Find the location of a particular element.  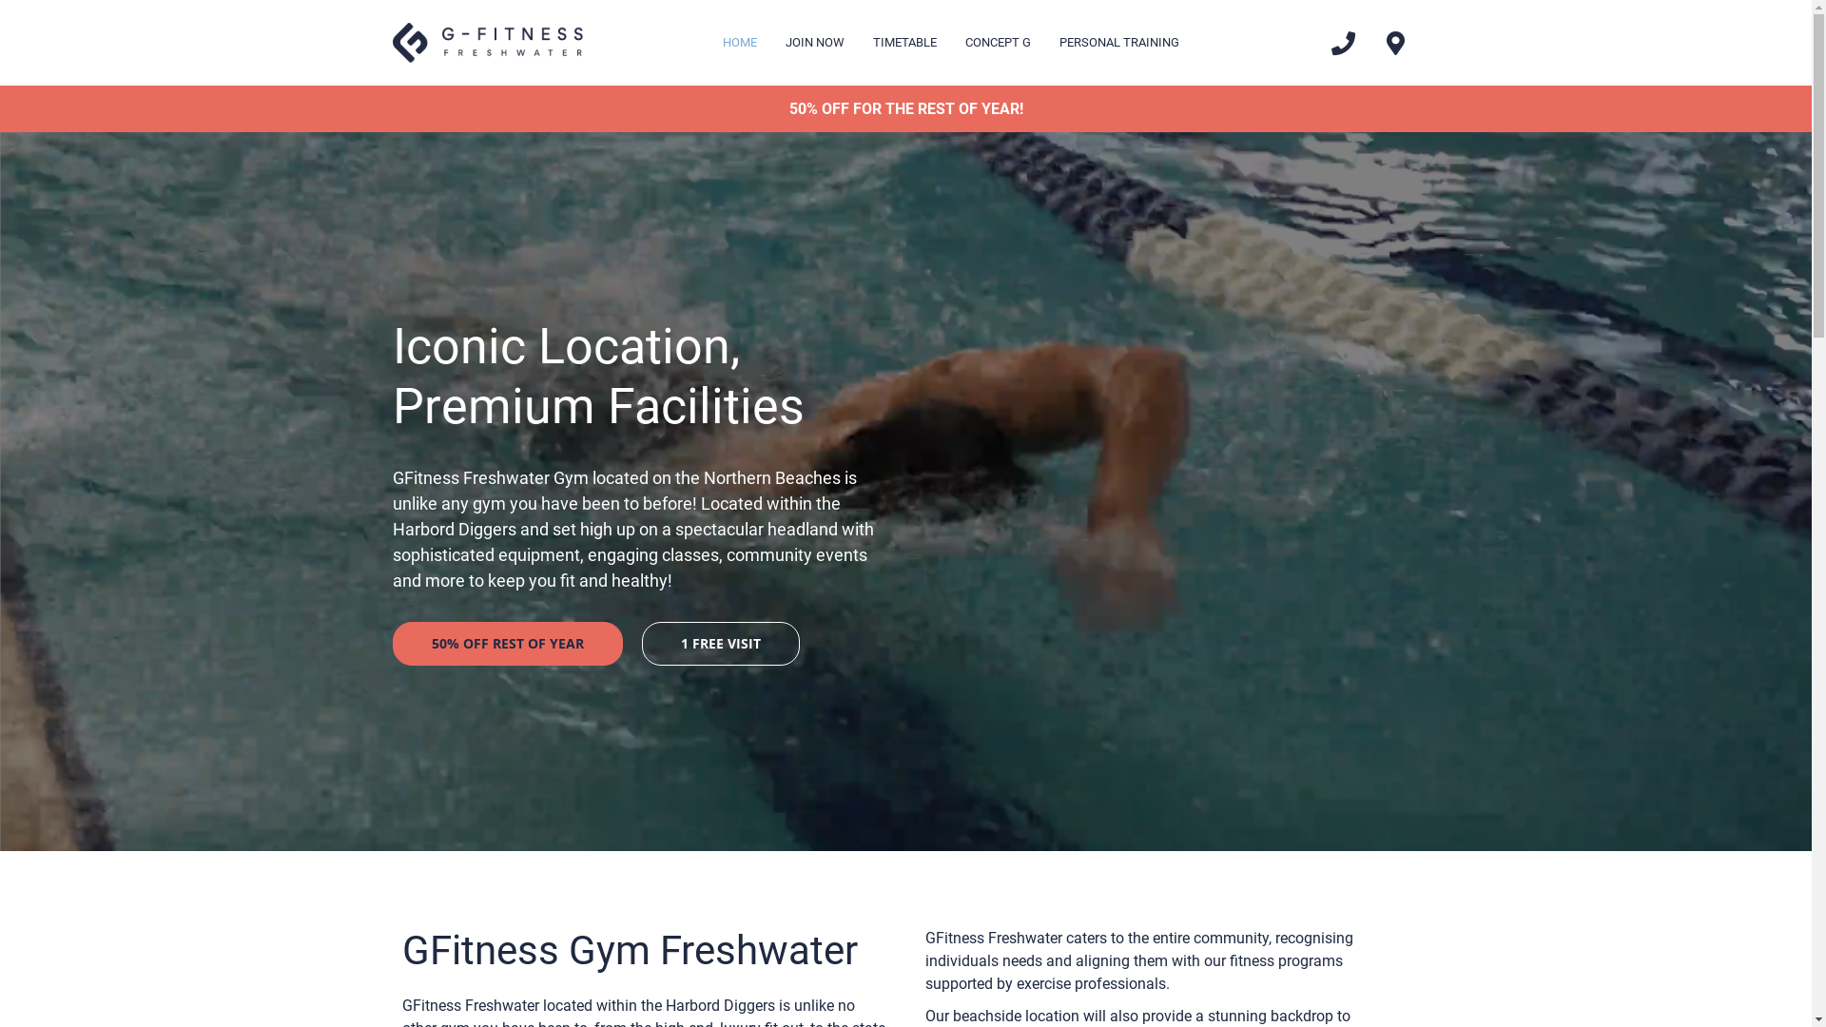

'1 FREE VISIT' is located at coordinates (719, 643).